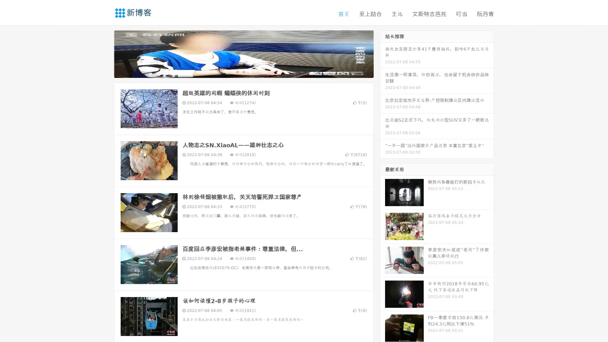 This screenshot has width=608, height=342. Describe the element at coordinates (104, 53) in the screenshot. I see `Previous slide` at that location.